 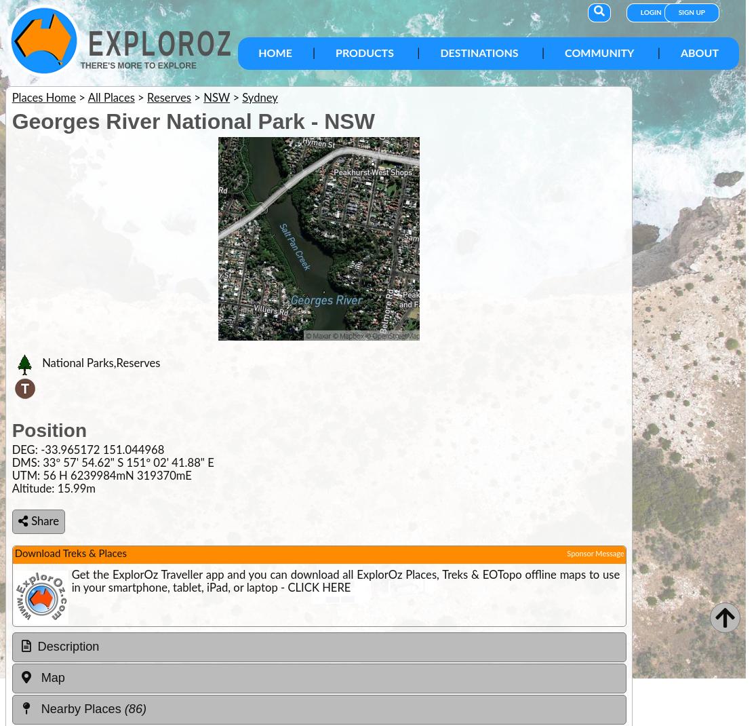 What do you see at coordinates (169, 98) in the screenshot?
I see `'Reserves'` at bounding box center [169, 98].